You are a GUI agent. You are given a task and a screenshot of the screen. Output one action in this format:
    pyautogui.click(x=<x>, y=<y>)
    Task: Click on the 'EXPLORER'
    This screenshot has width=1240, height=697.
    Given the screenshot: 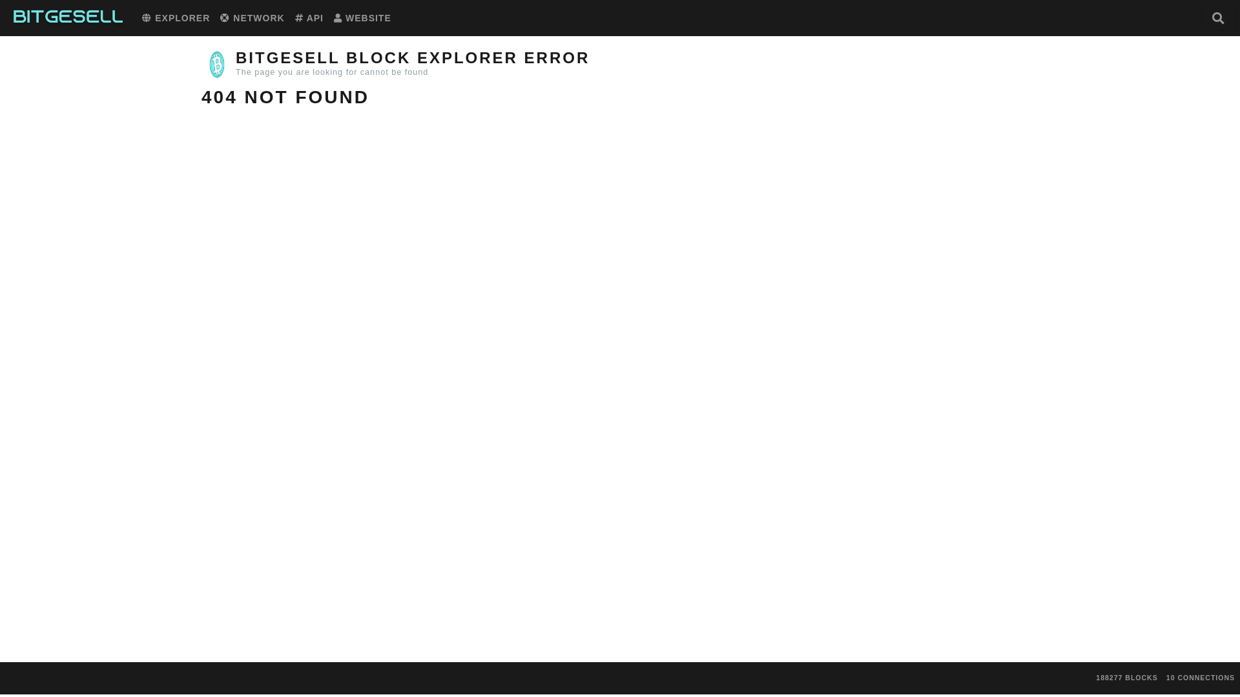 What is the action you would take?
    pyautogui.click(x=175, y=18)
    